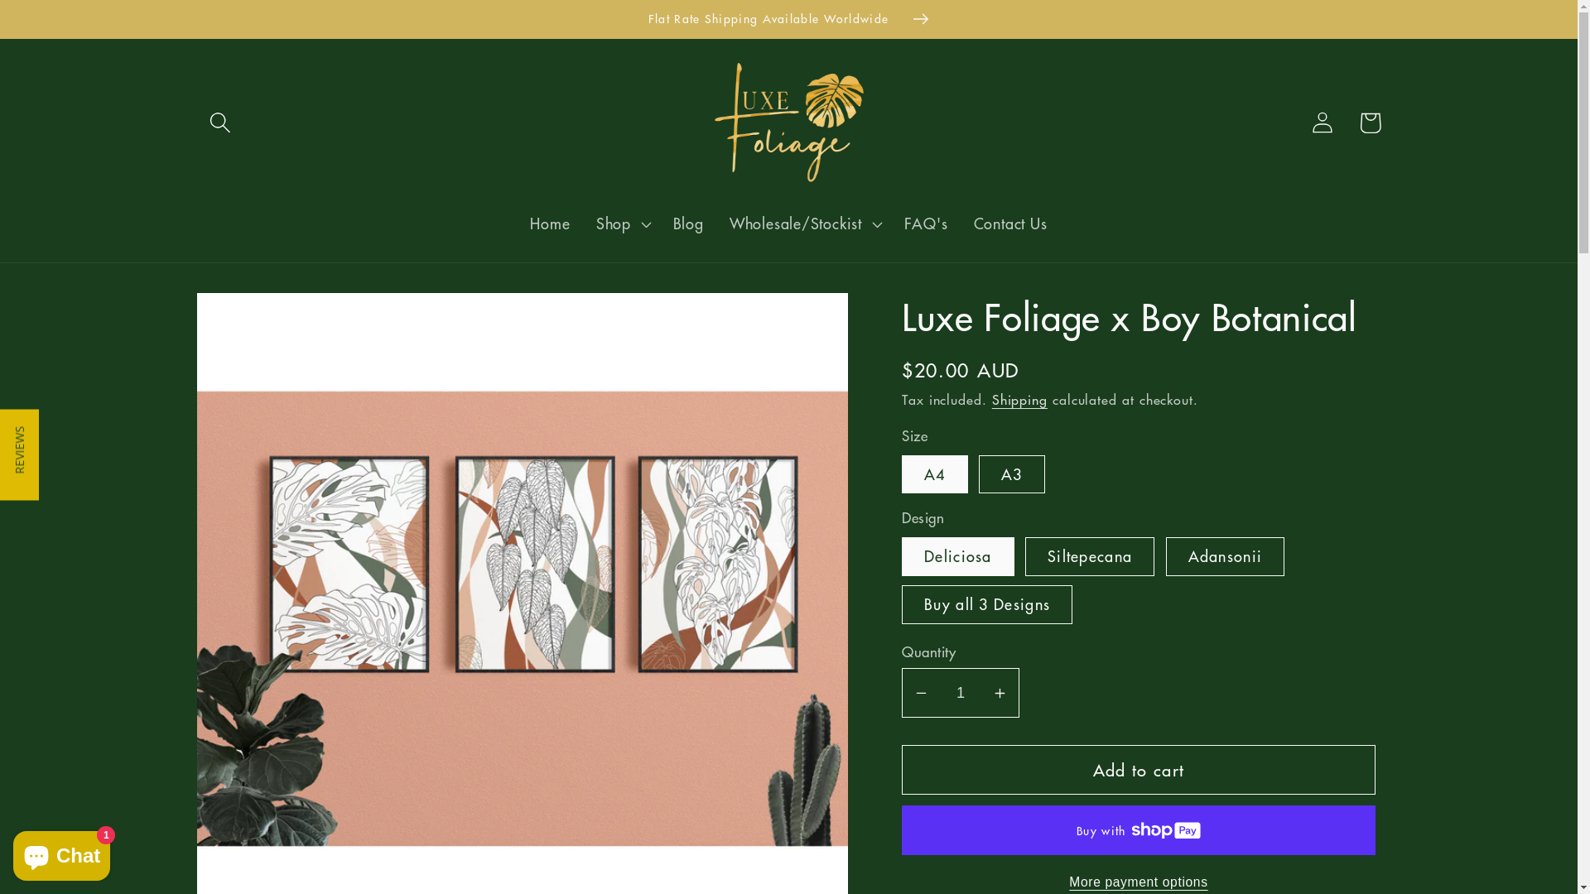 Image resolution: width=1590 pixels, height=894 pixels. What do you see at coordinates (1009, 223) in the screenshot?
I see `'Contact Us'` at bounding box center [1009, 223].